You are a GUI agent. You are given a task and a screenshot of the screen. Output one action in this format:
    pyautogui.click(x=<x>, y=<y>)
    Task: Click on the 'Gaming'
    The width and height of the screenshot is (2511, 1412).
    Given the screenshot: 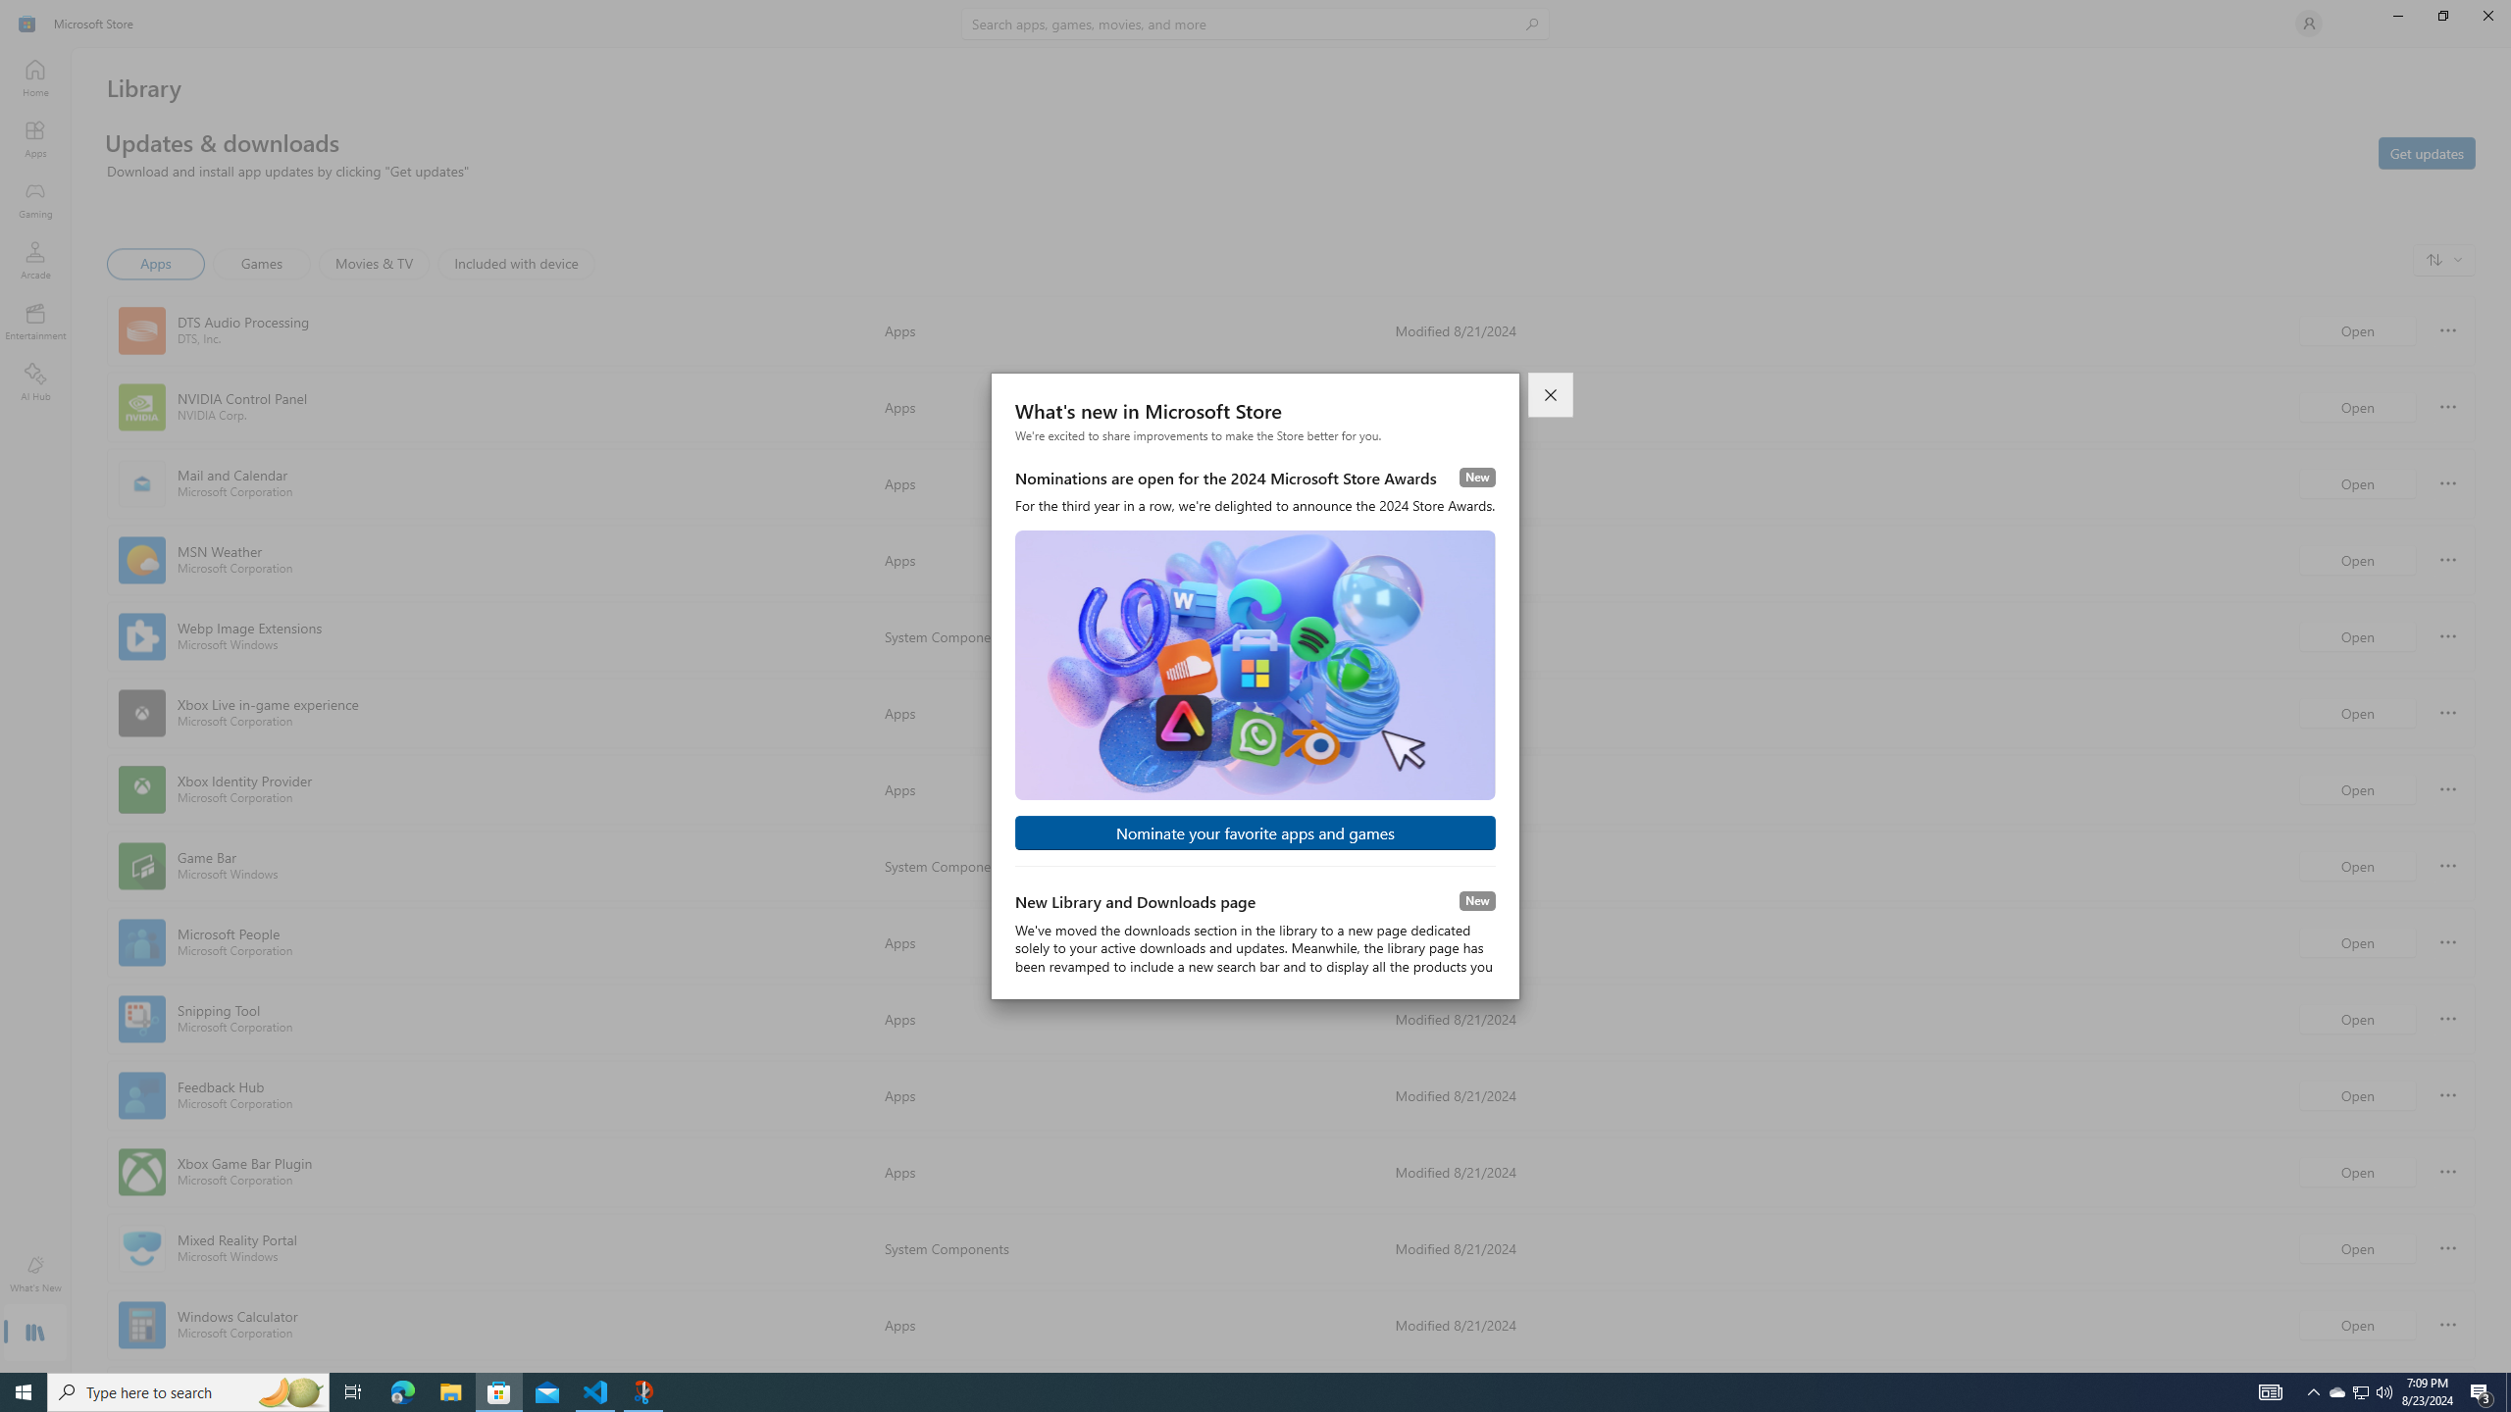 What is the action you would take?
    pyautogui.click(x=33, y=198)
    